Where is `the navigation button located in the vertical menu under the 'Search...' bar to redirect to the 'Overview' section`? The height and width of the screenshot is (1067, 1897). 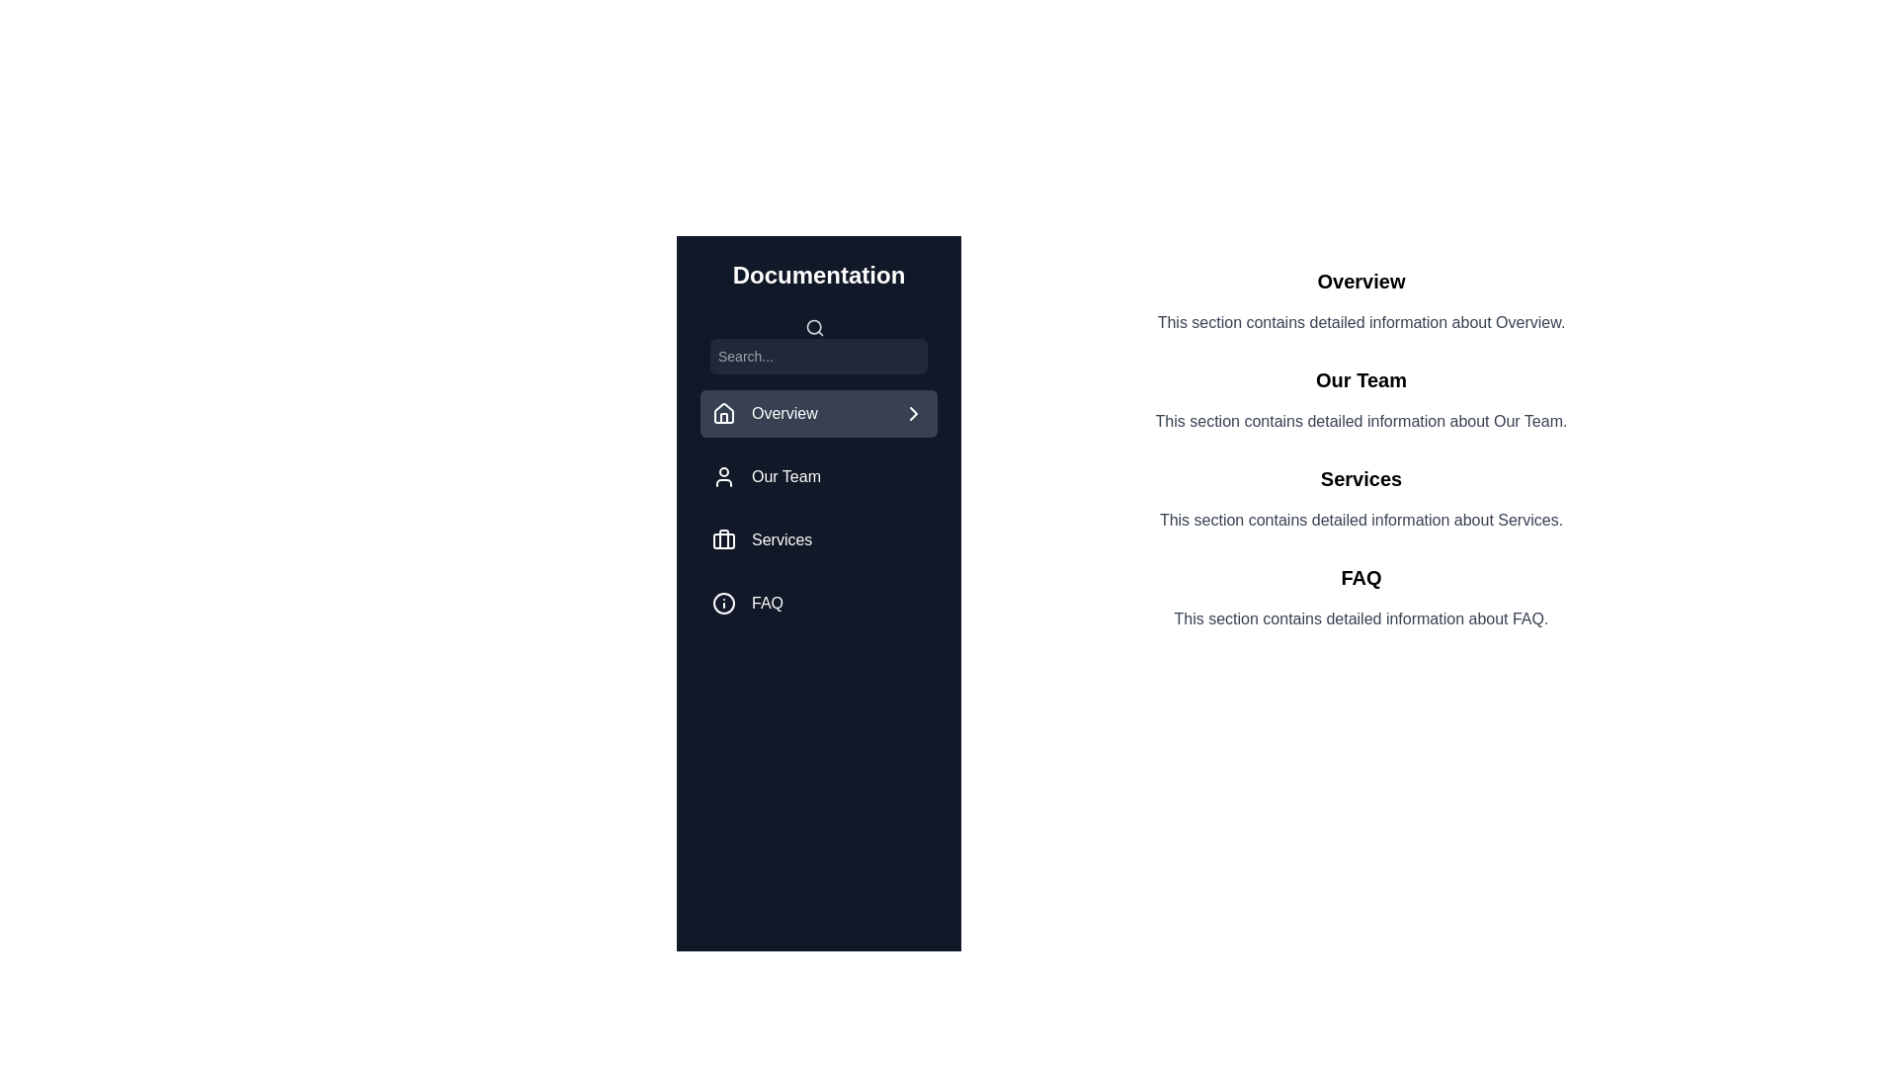
the navigation button located in the vertical menu under the 'Search...' bar to redirect to the 'Overview' section is located at coordinates (819, 413).